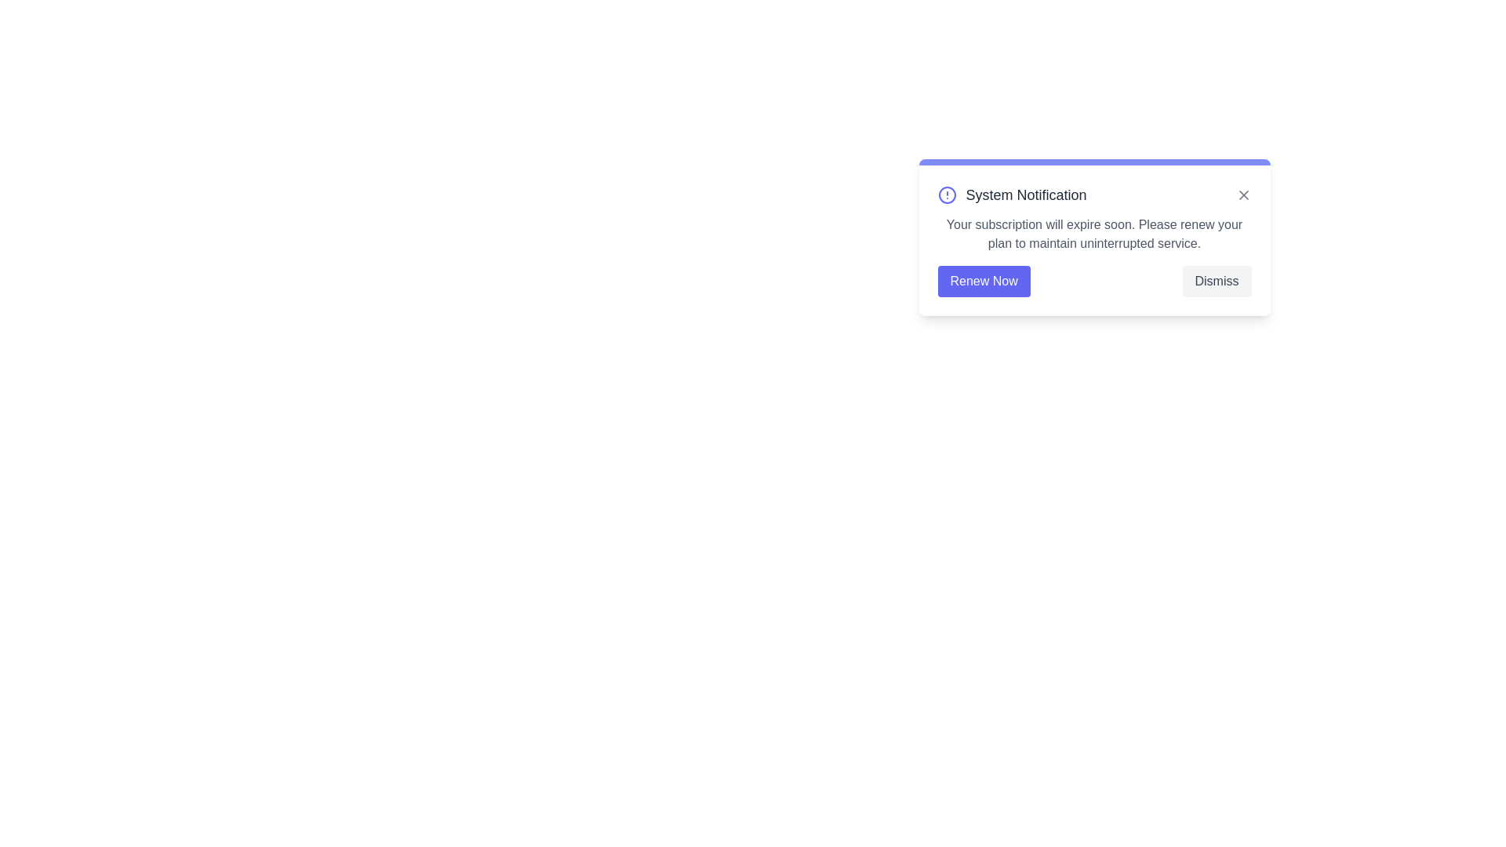 The image size is (1506, 847). I want to click on the 'Renew Now' button, so click(983, 280).